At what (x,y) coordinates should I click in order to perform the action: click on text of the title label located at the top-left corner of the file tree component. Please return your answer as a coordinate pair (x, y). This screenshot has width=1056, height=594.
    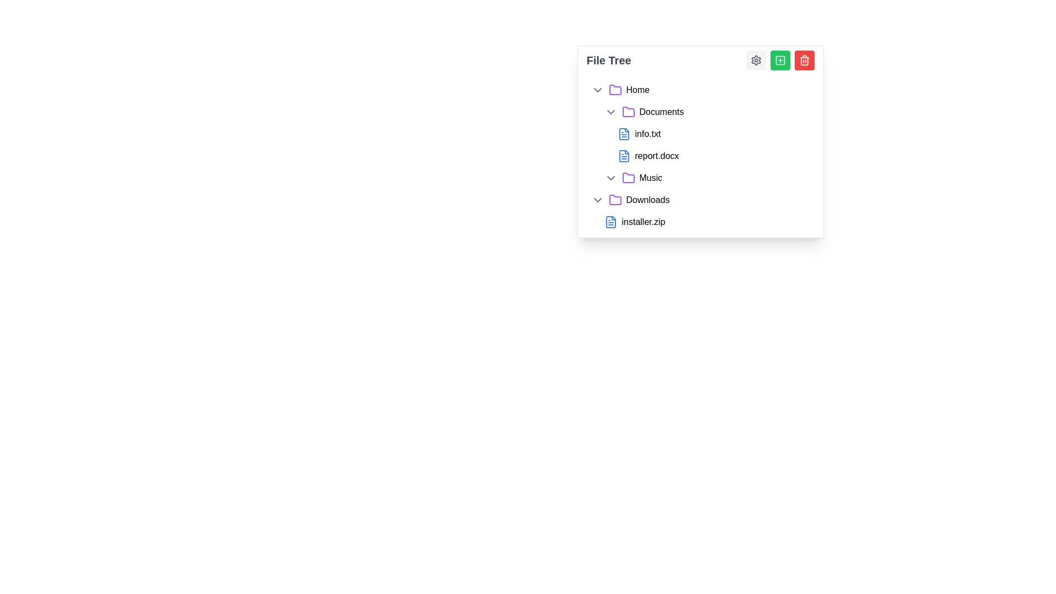
    Looking at the image, I should click on (608, 61).